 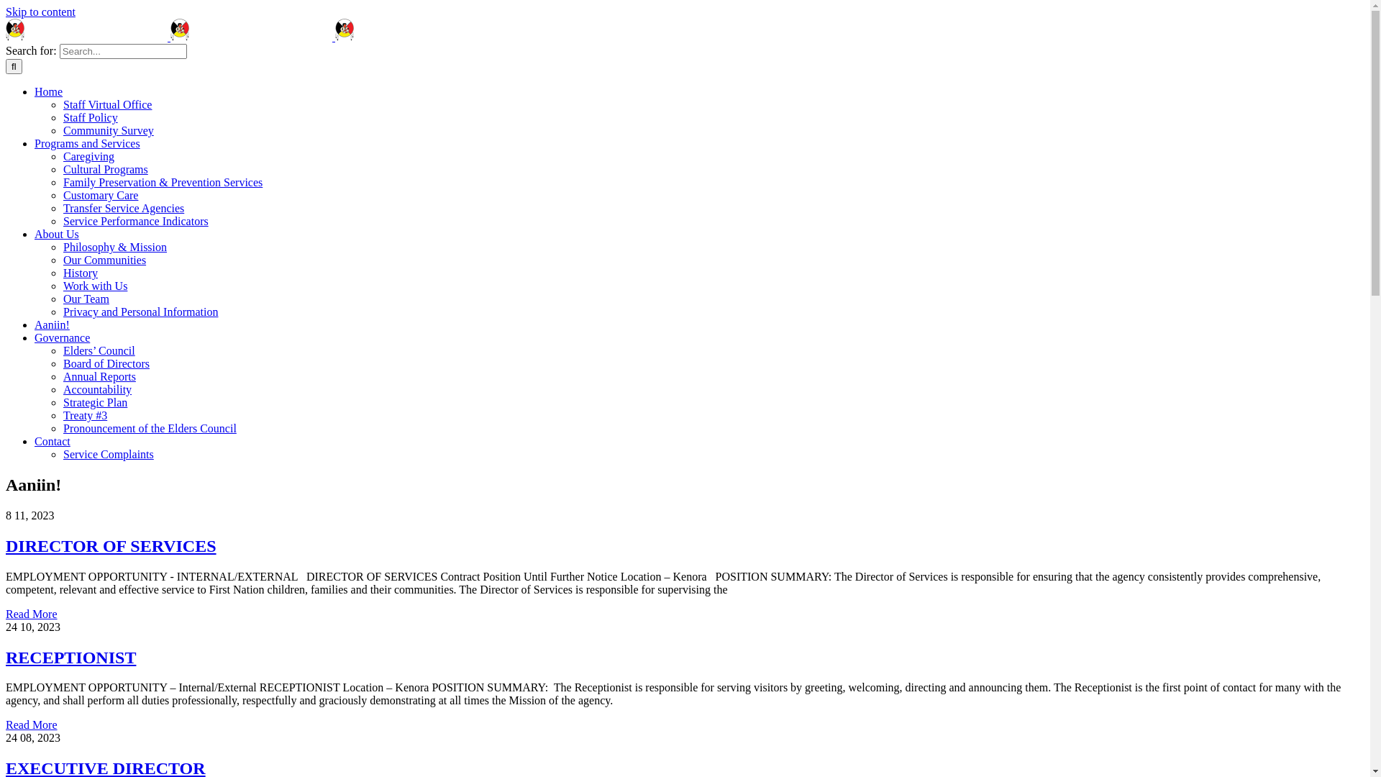 What do you see at coordinates (110, 546) in the screenshot?
I see `'DIRECTOR OF SERVICES'` at bounding box center [110, 546].